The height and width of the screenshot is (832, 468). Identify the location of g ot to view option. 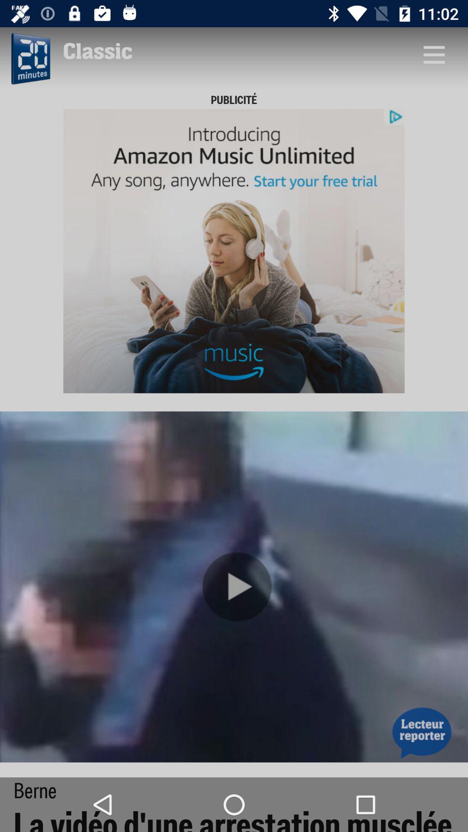
(434, 54).